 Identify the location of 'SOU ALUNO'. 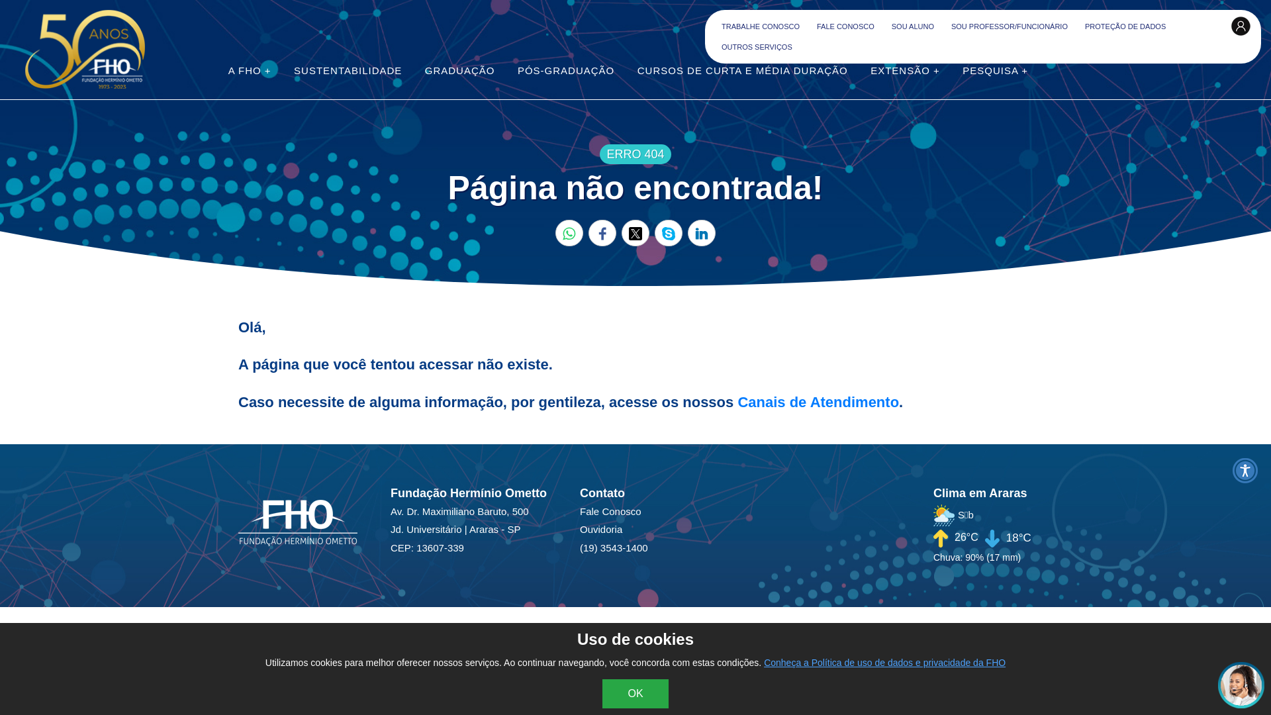
(912, 26).